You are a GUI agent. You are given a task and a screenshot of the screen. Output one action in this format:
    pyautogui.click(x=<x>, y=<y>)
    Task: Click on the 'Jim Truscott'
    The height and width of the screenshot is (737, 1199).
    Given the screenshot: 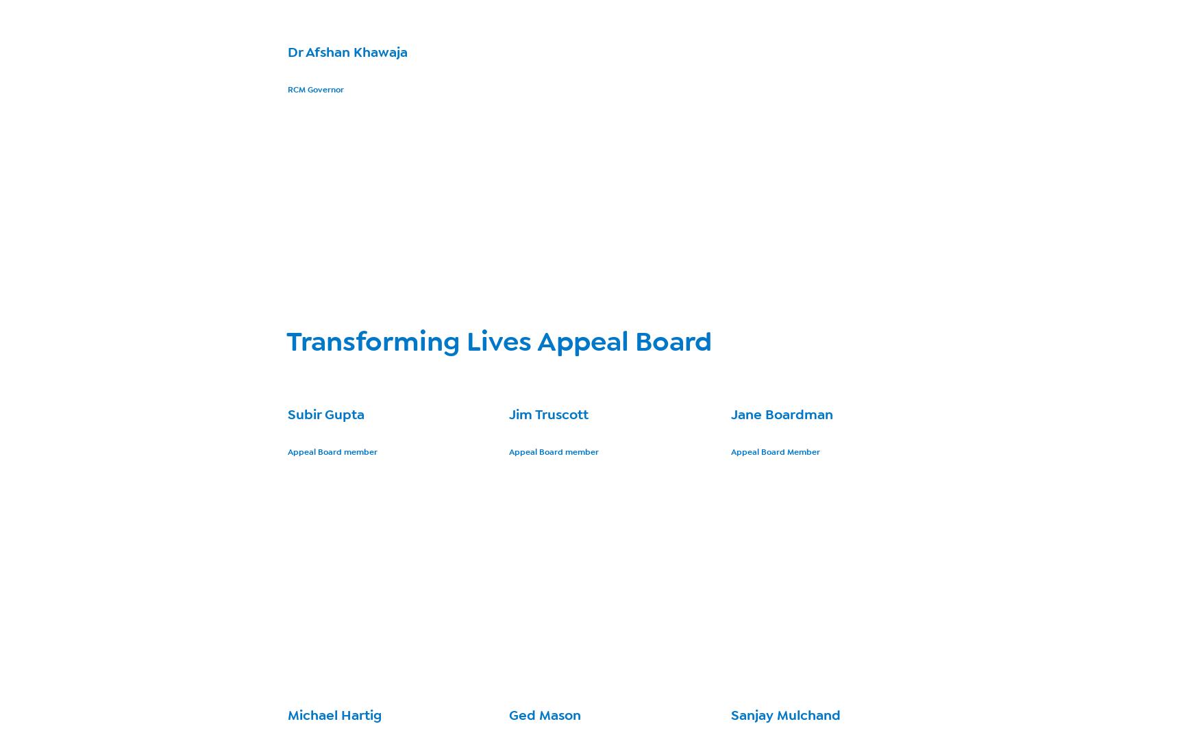 What is the action you would take?
    pyautogui.click(x=509, y=414)
    